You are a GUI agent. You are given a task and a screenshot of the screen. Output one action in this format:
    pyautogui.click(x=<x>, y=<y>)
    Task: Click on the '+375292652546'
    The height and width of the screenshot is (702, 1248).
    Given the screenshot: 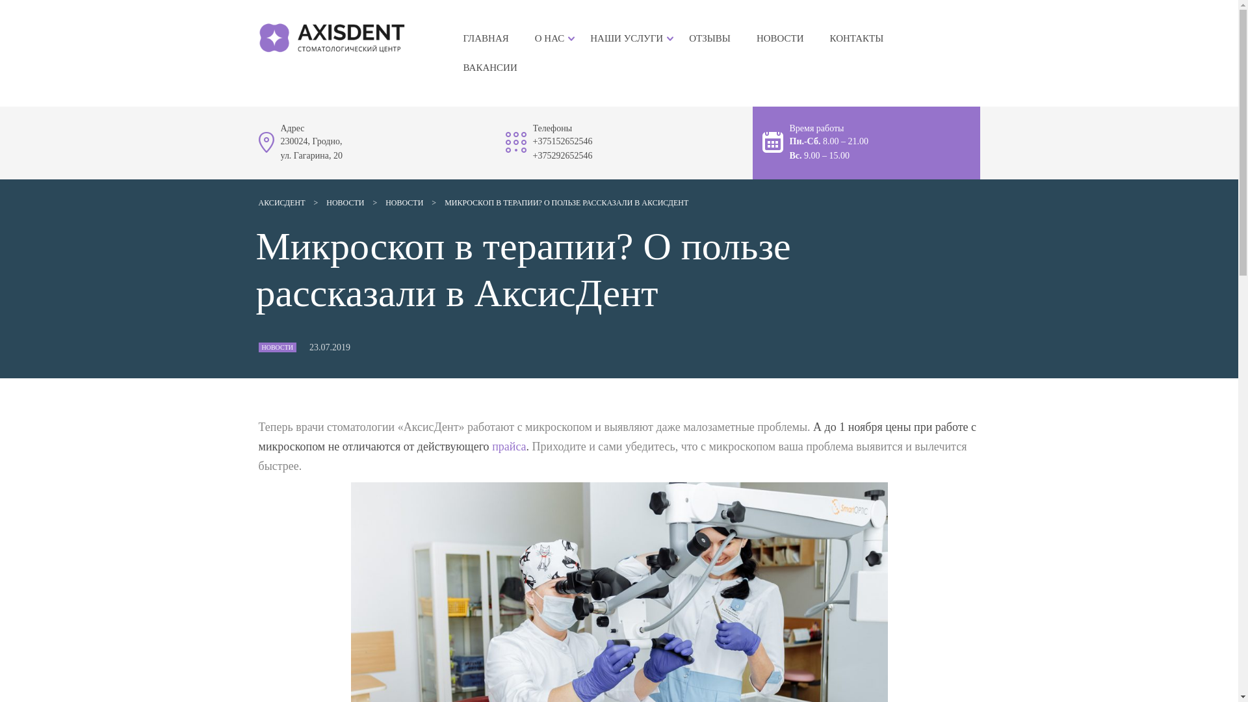 What is the action you would take?
    pyautogui.click(x=533, y=155)
    